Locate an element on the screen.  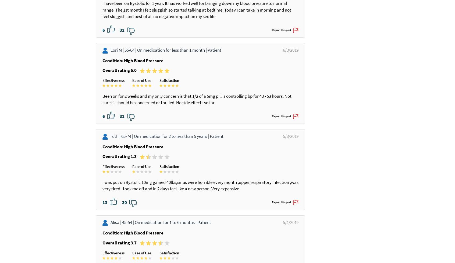
'ruth |' is located at coordinates (115, 162).